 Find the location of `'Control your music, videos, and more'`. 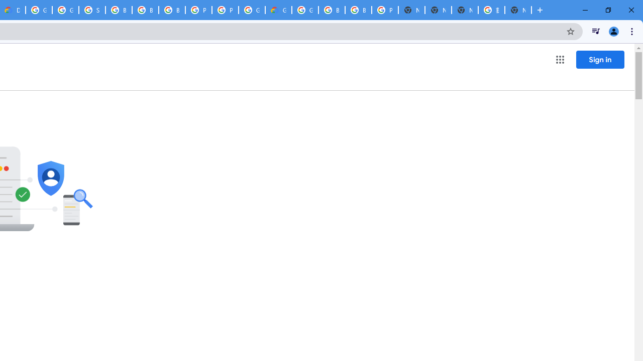

'Control your music, videos, and more' is located at coordinates (595, 31).